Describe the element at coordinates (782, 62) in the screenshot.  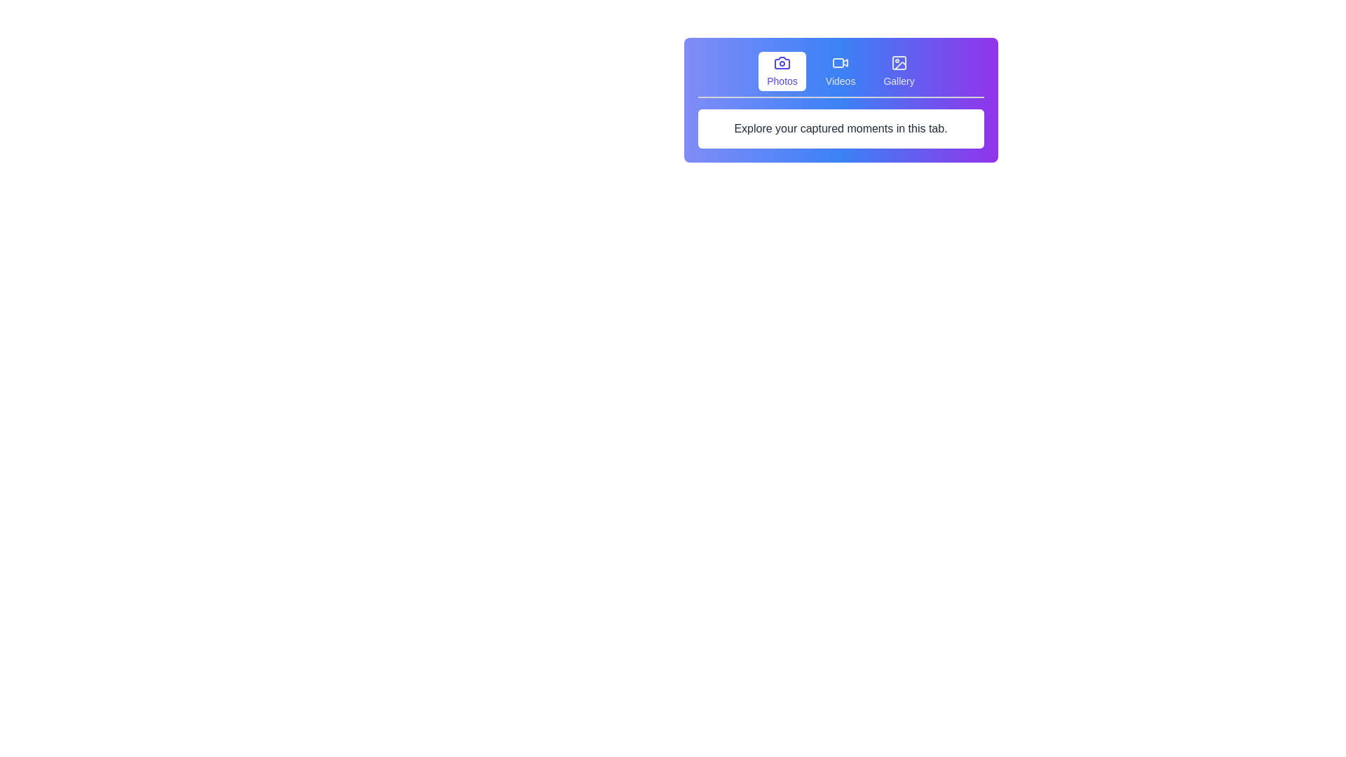
I see `the 'Photos' tab icon located in the top section of the interface` at that location.